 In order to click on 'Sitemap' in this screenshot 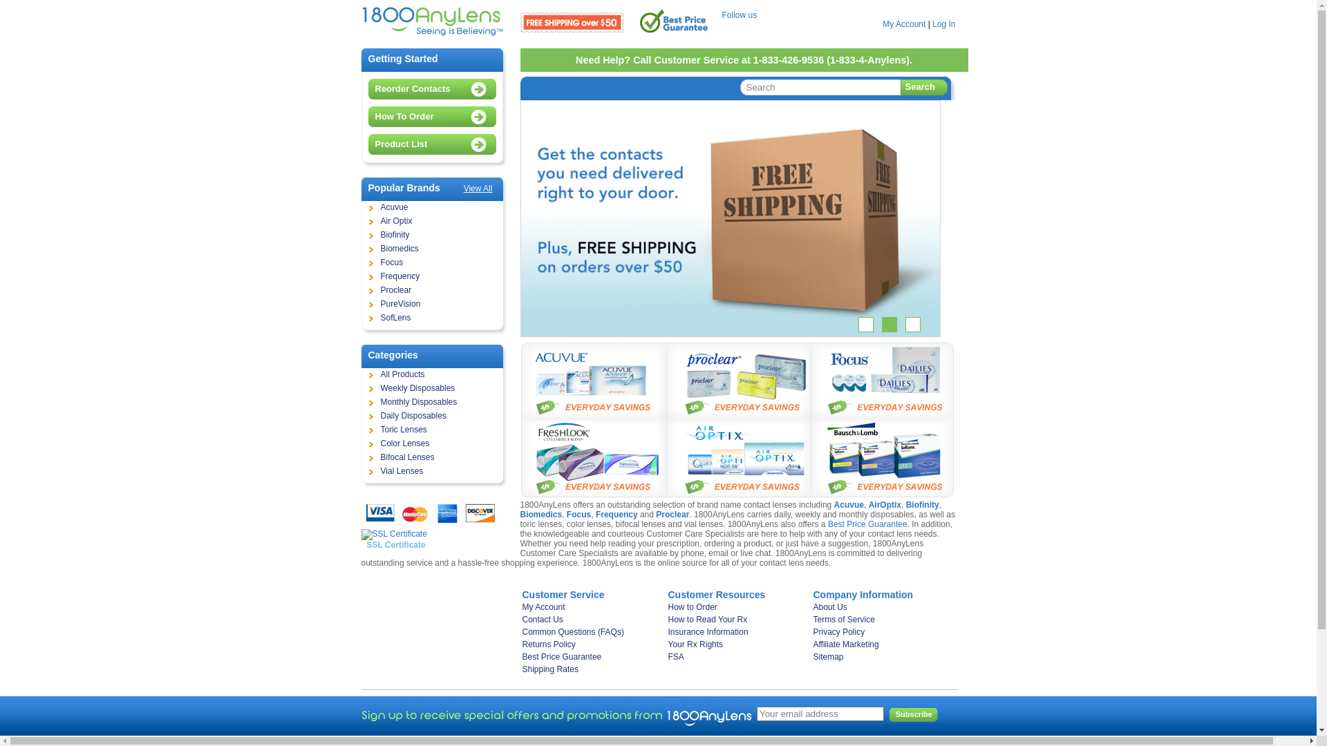, I will do `click(879, 656)`.